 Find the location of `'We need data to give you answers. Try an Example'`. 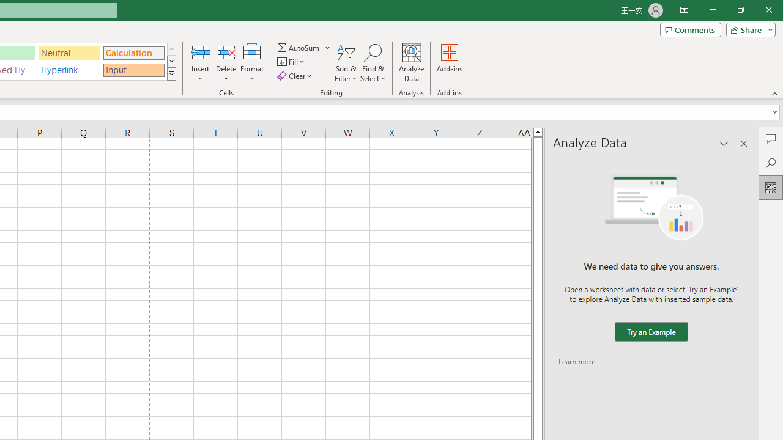

'We need data to give you answers. Try an Example' is located at coordinates (650, 332).